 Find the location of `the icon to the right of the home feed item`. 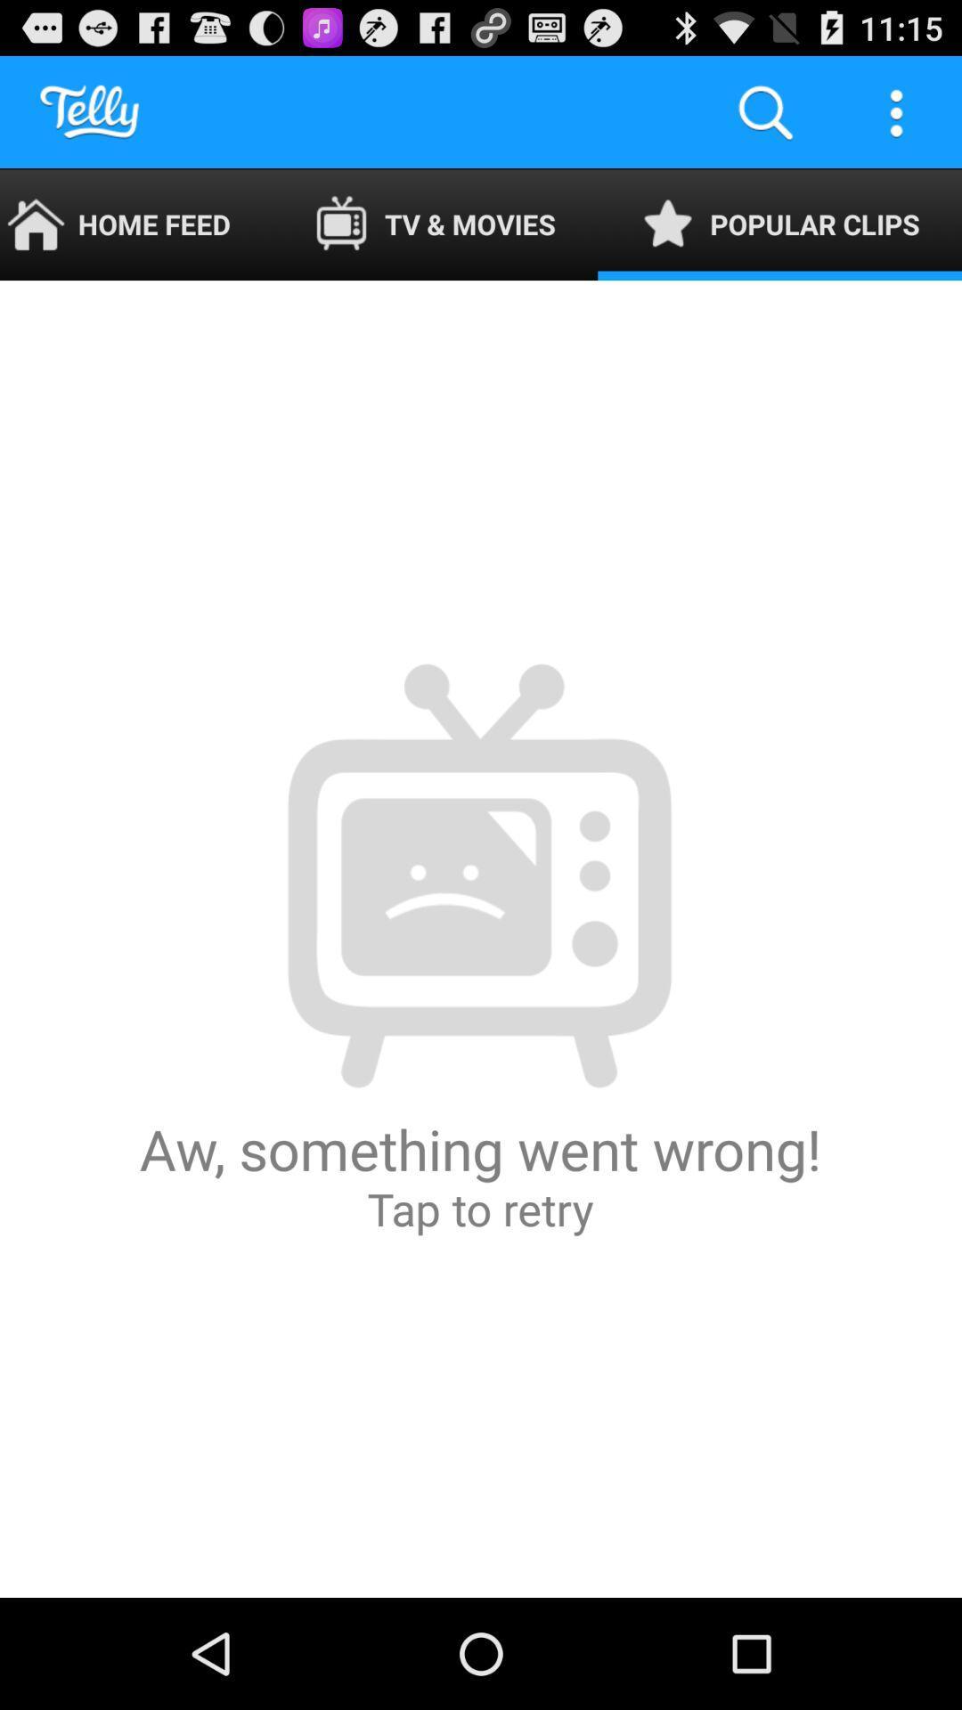

the icon to the right of the home feed item is located at coordinates (435, 224).